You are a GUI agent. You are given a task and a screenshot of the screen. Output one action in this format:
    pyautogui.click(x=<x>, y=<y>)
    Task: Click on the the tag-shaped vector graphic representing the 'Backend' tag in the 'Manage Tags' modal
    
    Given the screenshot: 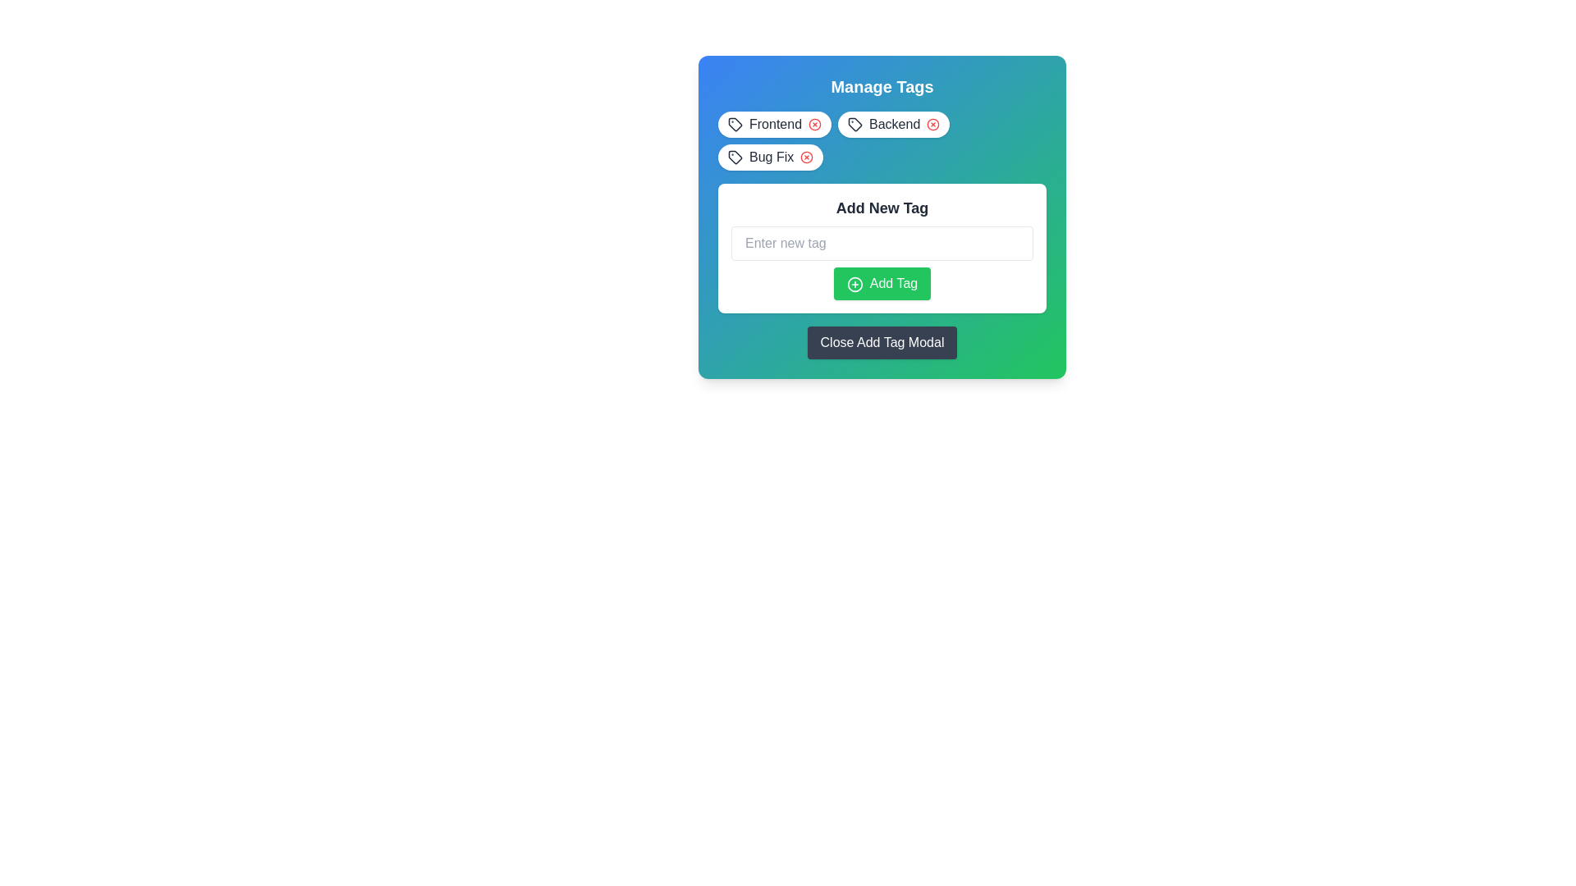 What is the action you would take?
    pyautogui.click(x=854, y=123)
    